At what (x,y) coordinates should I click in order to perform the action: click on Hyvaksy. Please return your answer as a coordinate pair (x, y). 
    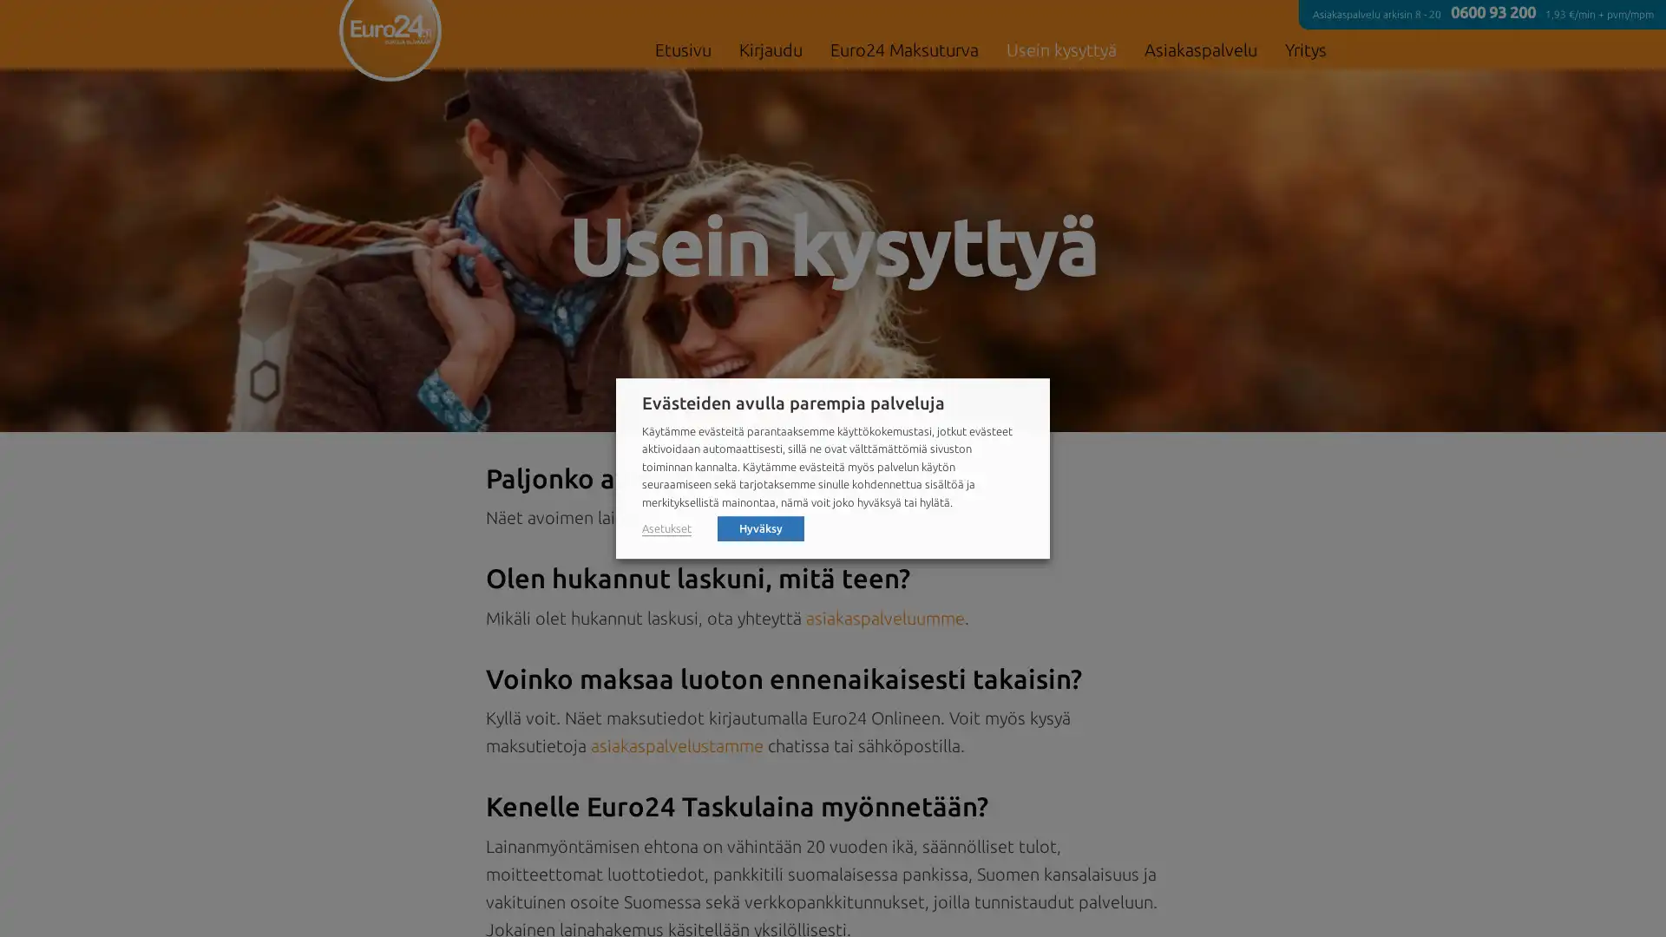
    Looking at the image, I should click on (761, 527).